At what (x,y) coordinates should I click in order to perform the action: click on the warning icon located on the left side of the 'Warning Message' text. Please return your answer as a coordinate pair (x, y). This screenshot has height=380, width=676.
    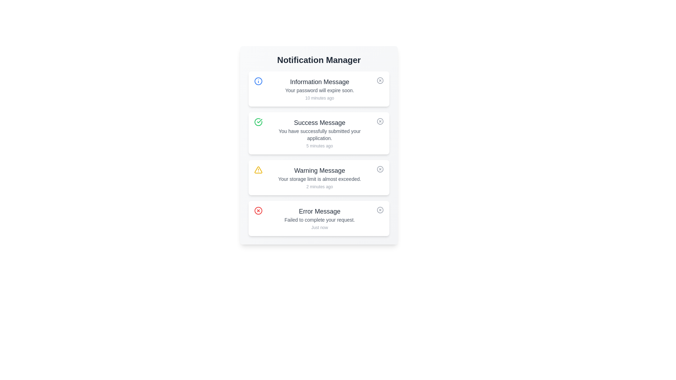
    Looking at the image, I should click on (258, 170).